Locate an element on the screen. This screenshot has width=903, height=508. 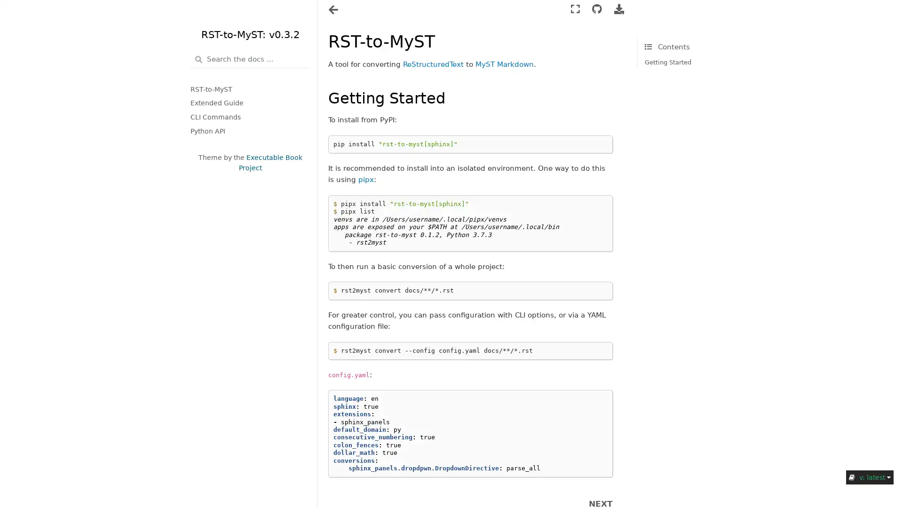
Download this page is located at coordinates (618, 9).